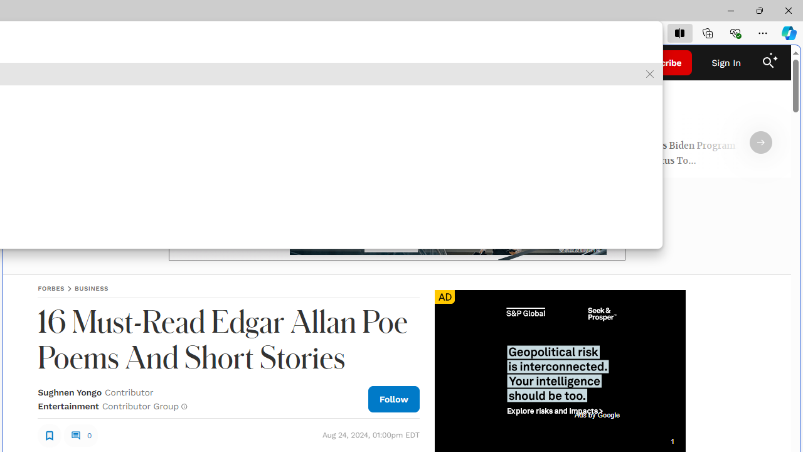 Image resolution: width=803 pixels, height=452 pixels. What do you see at coordinates (773, 57) in the screenshot?
I see `'Class: sparkles_svg__fs-icon sparkles_svg__fs-icon--sparkles'` at bounding box center [773, 57].